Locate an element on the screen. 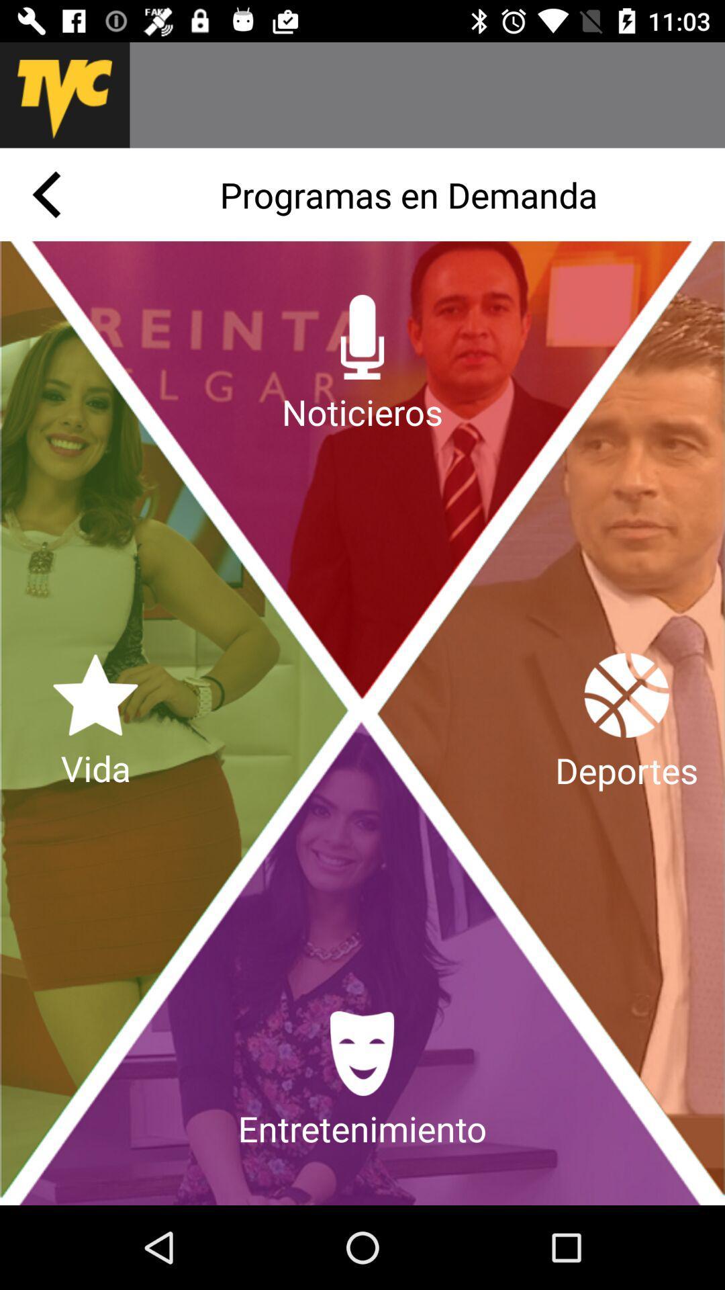 This screenshot has width=725, height=1290. the app on the left is located at coordinates (95, 722).